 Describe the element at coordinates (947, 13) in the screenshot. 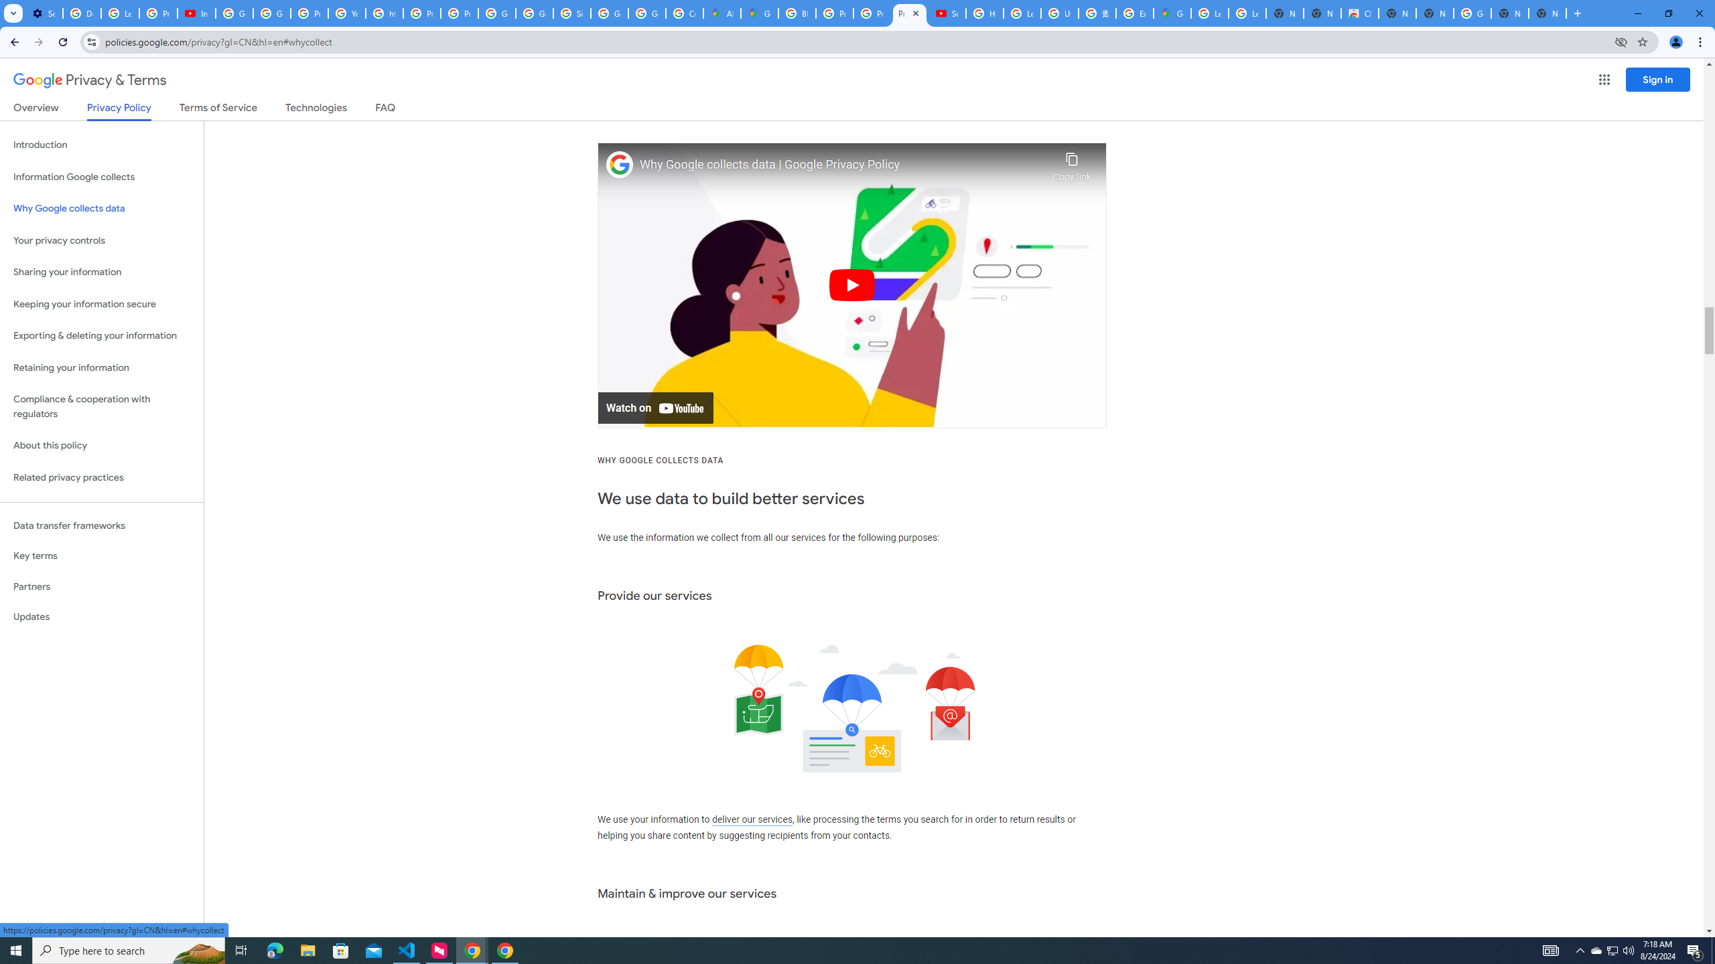

I see `'Subscriptions - YouTube'` at that location.